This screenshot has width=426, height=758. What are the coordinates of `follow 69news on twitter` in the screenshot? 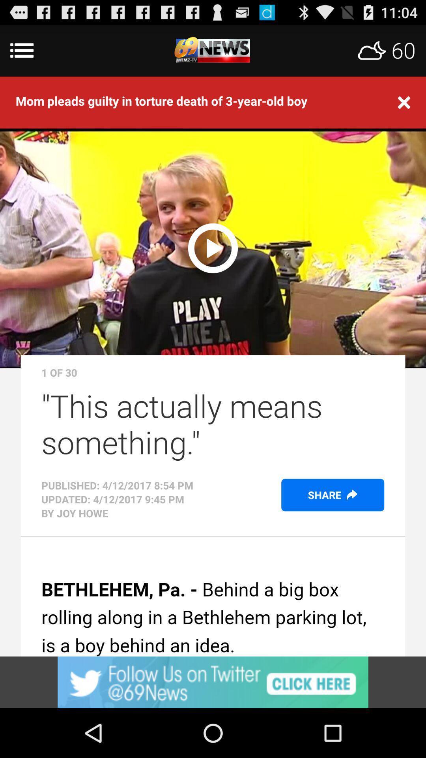 It's located at (213, 682).